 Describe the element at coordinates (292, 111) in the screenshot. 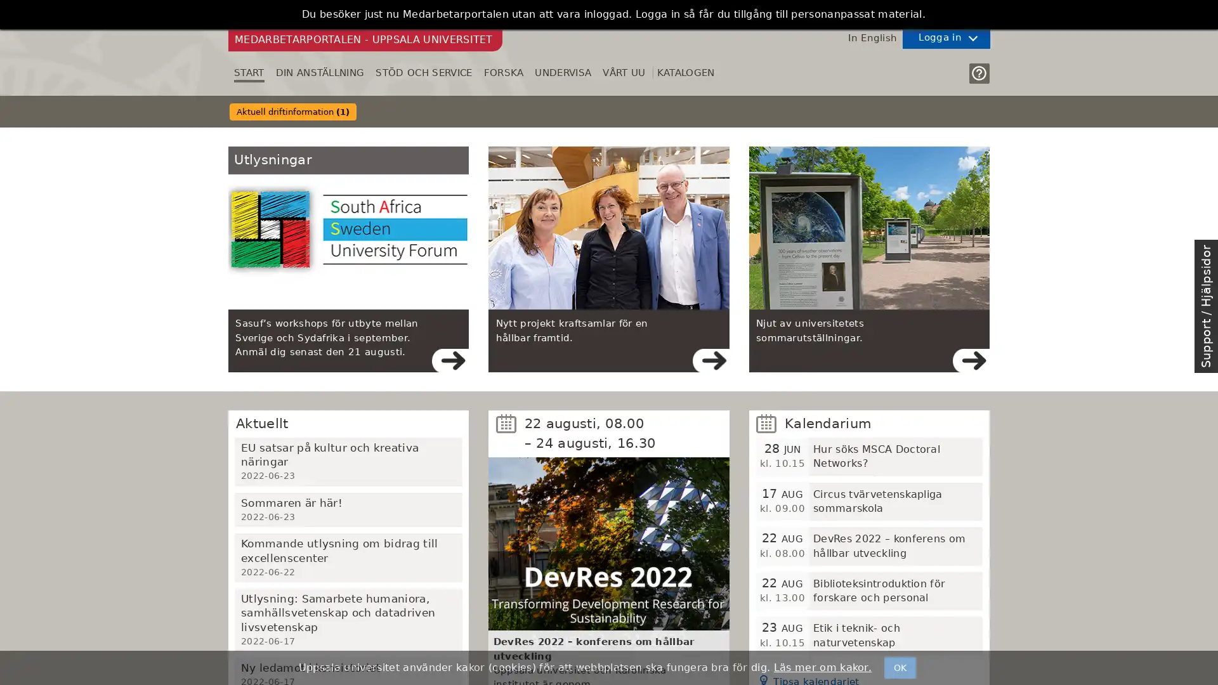

I see `Aktuell driftinformation (1)` at that location.